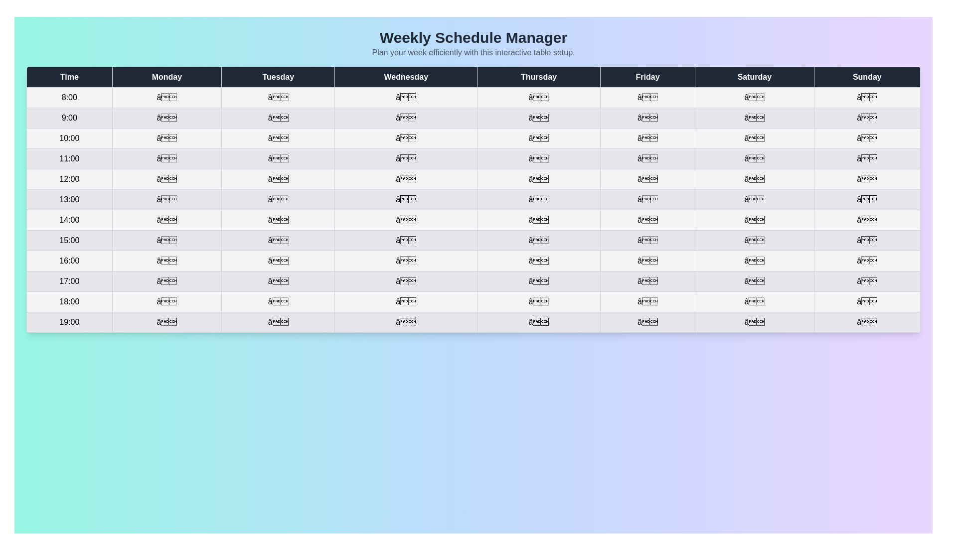 This screenshot has height=538, width=957. What do you see at coordinates (866, 76) in the screenshot?
I see `the header of the column labeled Sunday to sort it` at bounding box center [866, 76].